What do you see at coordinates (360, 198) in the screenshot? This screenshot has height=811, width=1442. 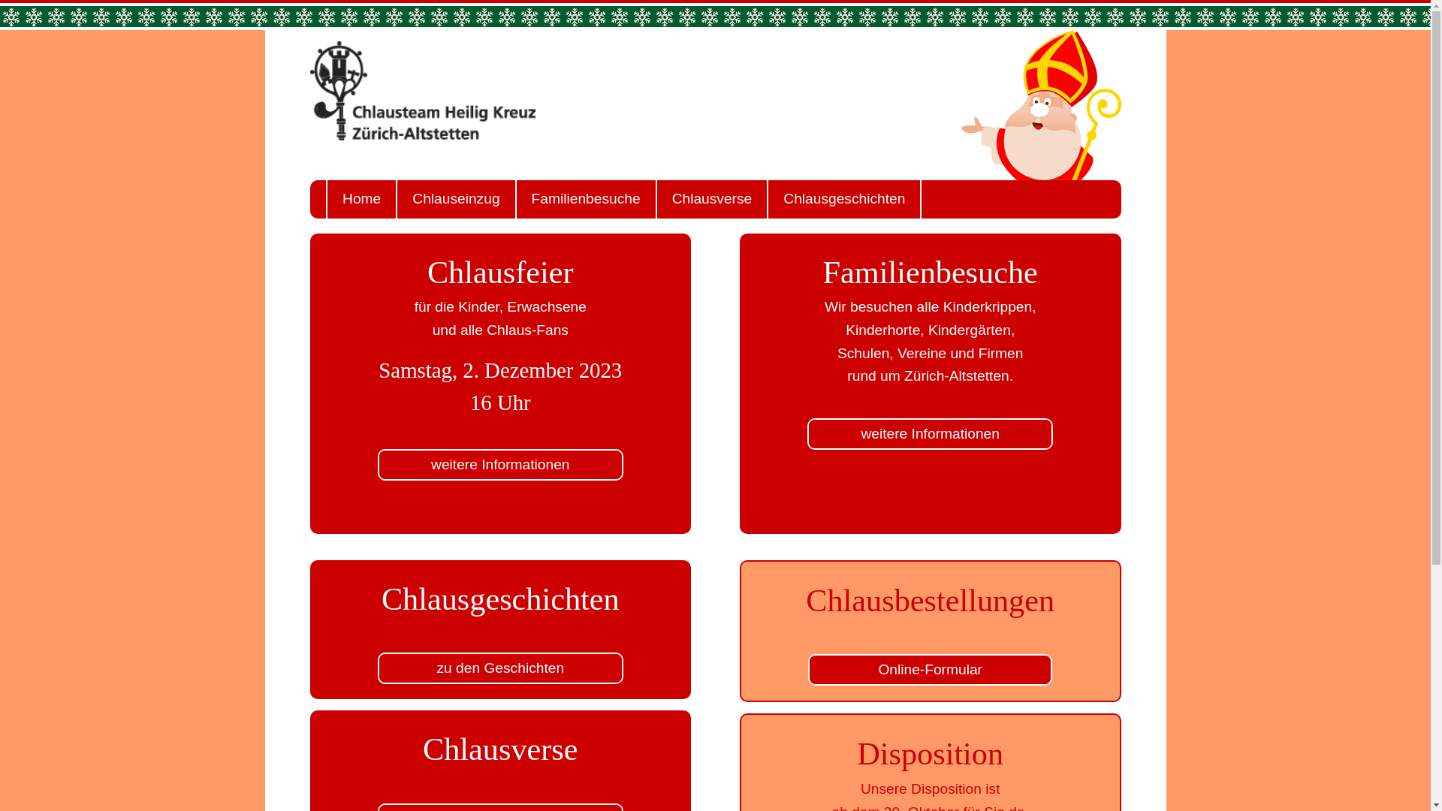 I see `'Home'` at bounding box center [360, 198].